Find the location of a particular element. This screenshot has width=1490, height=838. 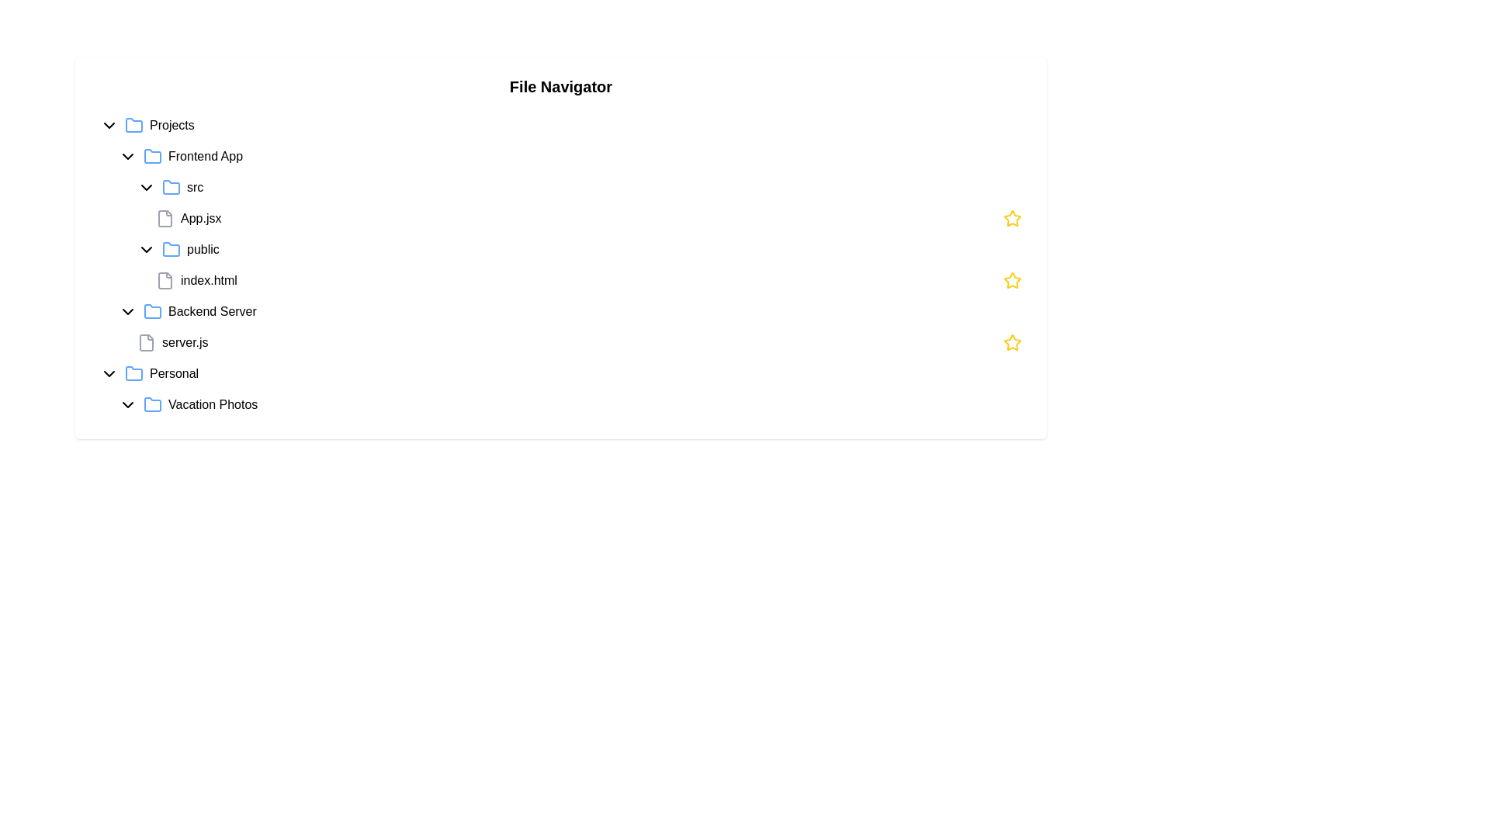

the blue folder-shaped graphic icon with a wireframe style located to the left of the text label 'src' under the 'src' node in the 'Frontend App' within 'Projects' is located at coordinates (171, 186).